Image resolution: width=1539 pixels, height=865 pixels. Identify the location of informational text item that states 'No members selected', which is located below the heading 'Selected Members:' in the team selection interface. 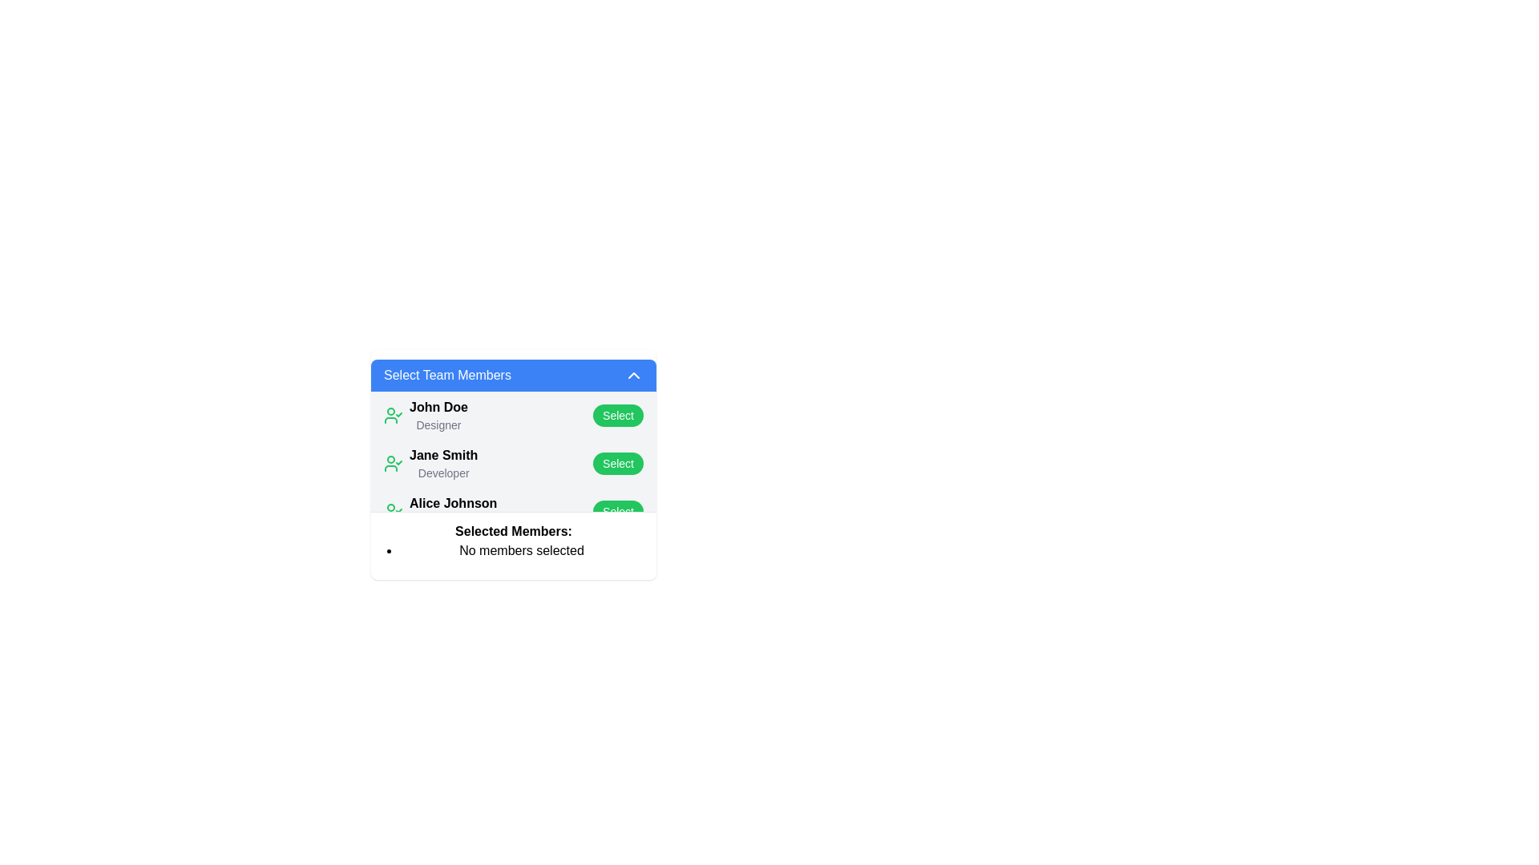
(514, 549).